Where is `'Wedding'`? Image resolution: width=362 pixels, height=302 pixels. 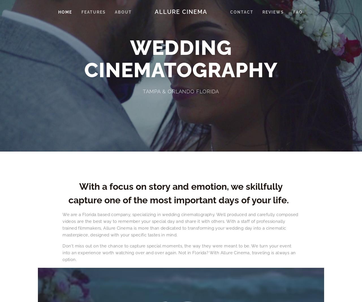 'Wedding' is located at coordinates (130, 48).